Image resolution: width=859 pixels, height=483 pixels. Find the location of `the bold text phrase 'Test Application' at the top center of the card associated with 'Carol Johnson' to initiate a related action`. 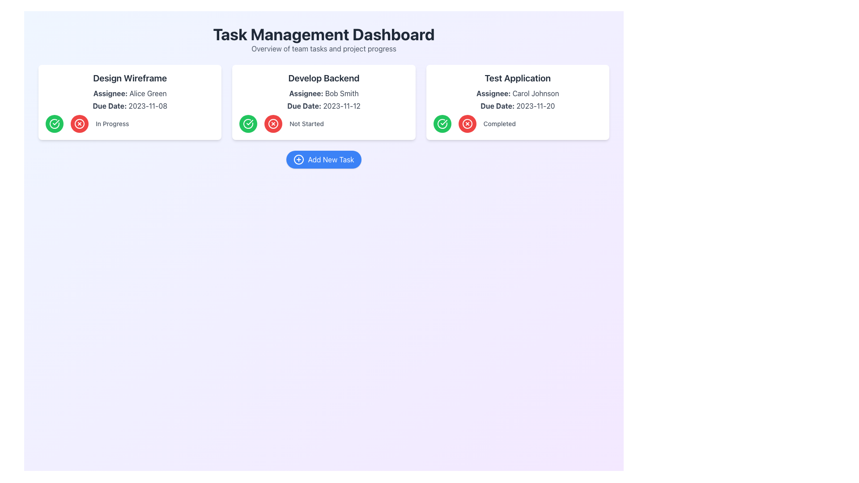

the bold text phrase 'Test Application' at the top center of the card associated with 'Carol Johnson' to initiate a related action is located at coordinates (518, 77).